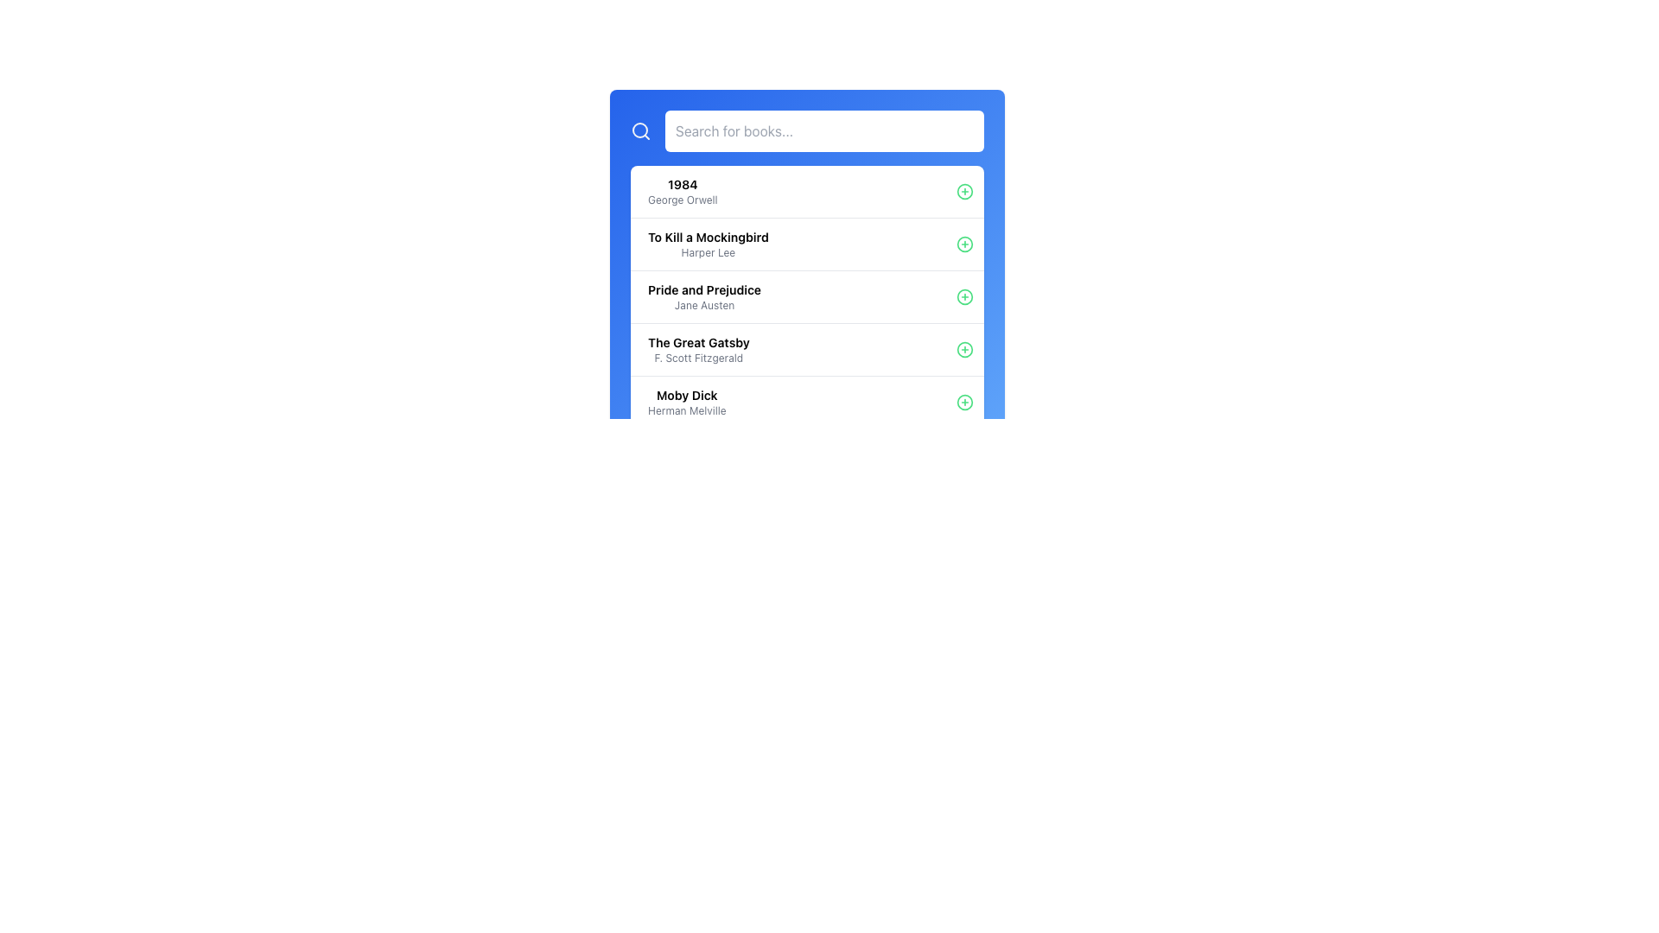  What do you see at coordinates (708, 253) in the screenshot?
I see `the text label displaying 'Harper Lee', which is located below the title 'To Kill a Mockingbird' in a small gray font` at bounding box center [708, 253].